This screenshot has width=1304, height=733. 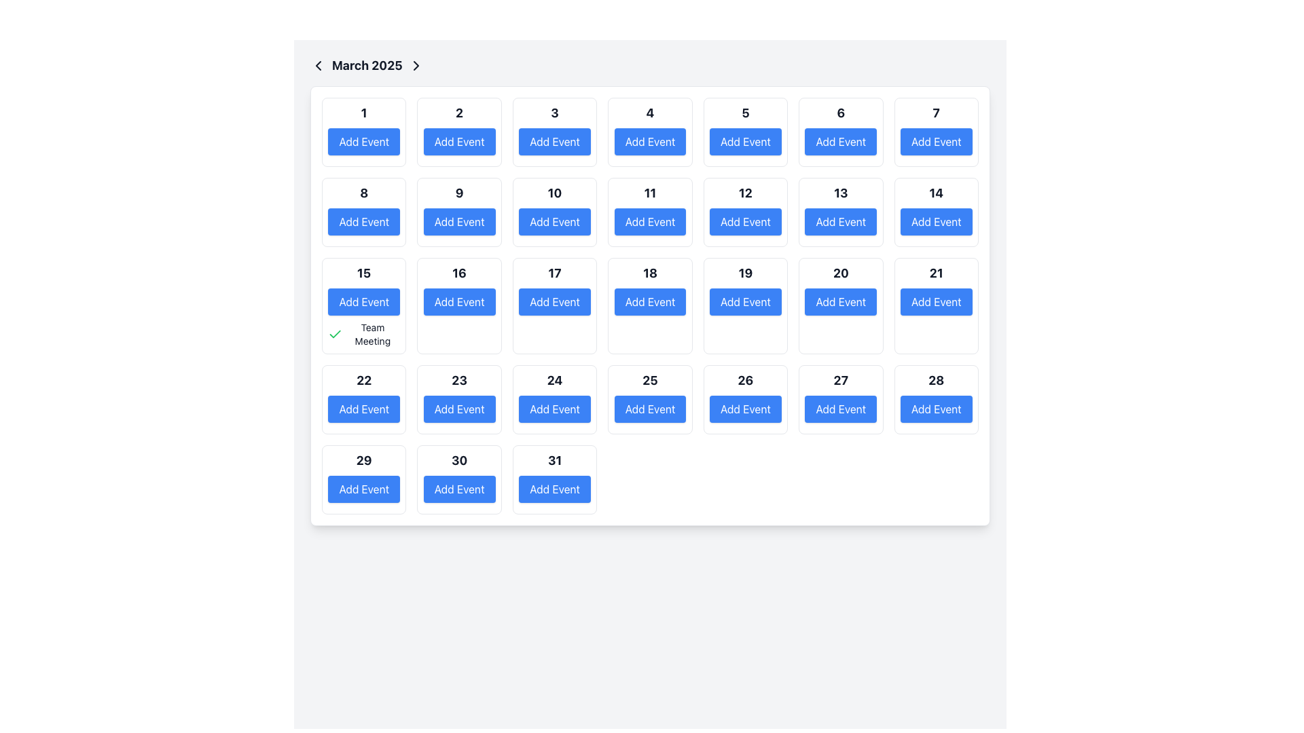 What do you see at coordinates (840, 212) in the screenshot?
I see `the 'Add Event' button in the calendar cell for the 13th day of the month` at bounding box center [840, 212].